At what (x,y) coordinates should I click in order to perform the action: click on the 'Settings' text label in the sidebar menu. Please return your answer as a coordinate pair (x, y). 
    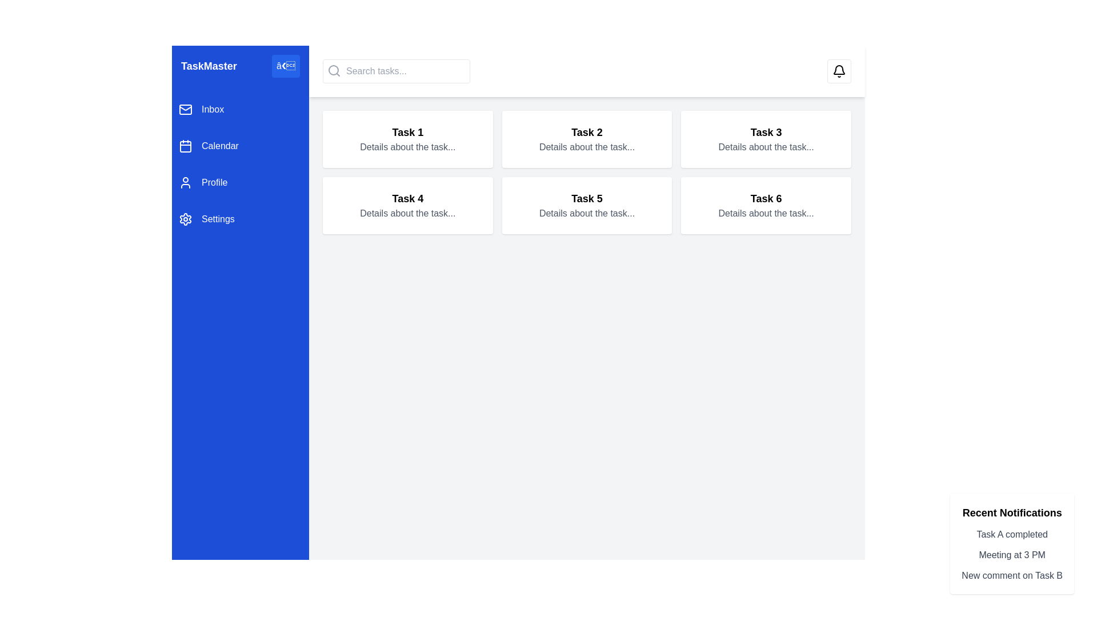
    Looking at the image, I should click on (218, 219).